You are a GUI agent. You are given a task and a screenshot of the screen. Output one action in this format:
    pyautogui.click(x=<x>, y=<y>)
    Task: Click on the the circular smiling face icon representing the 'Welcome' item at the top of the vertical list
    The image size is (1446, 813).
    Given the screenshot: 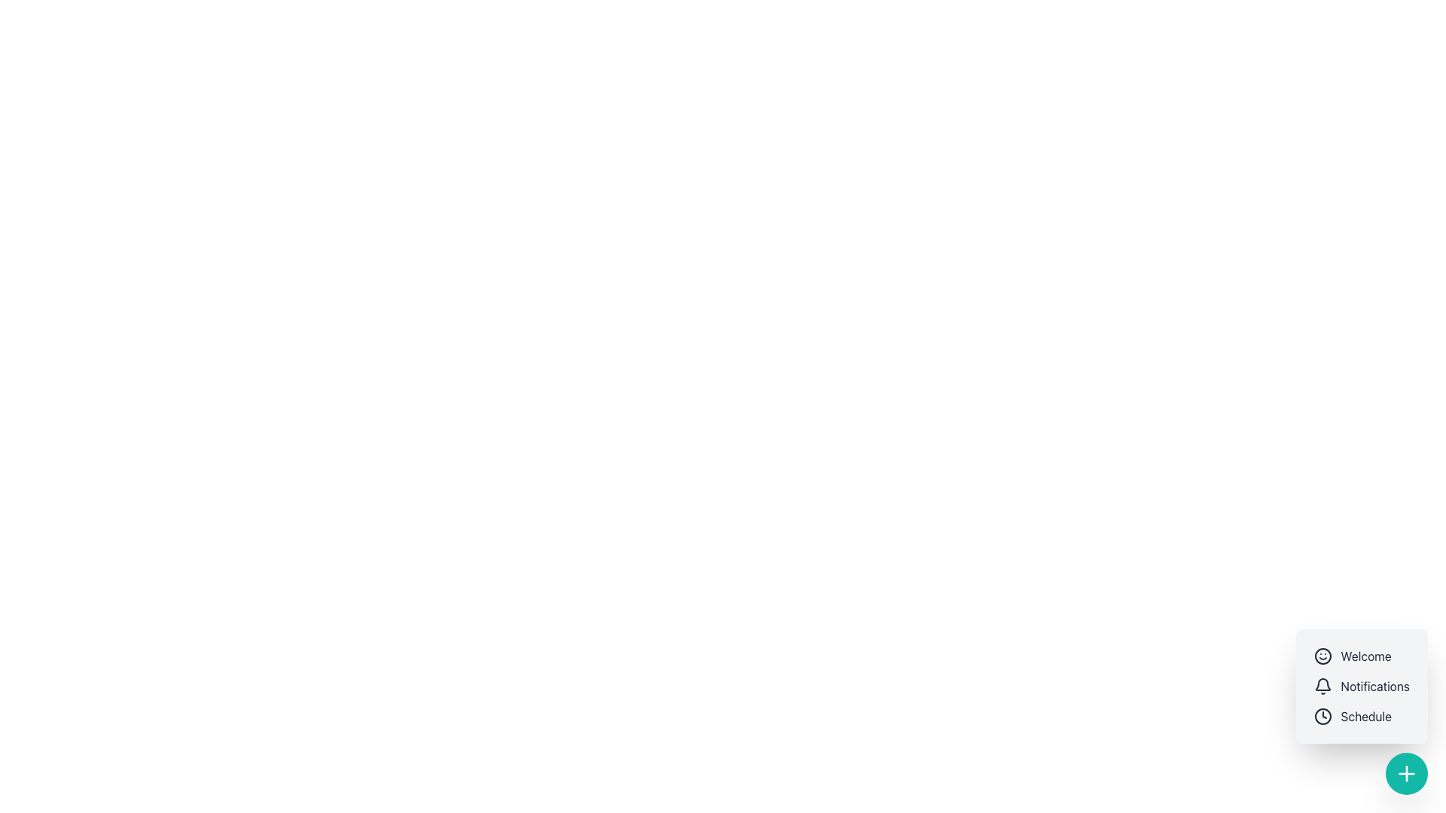 What is the action you would take?
    pyautogui.click(x=1322, y=655)
    